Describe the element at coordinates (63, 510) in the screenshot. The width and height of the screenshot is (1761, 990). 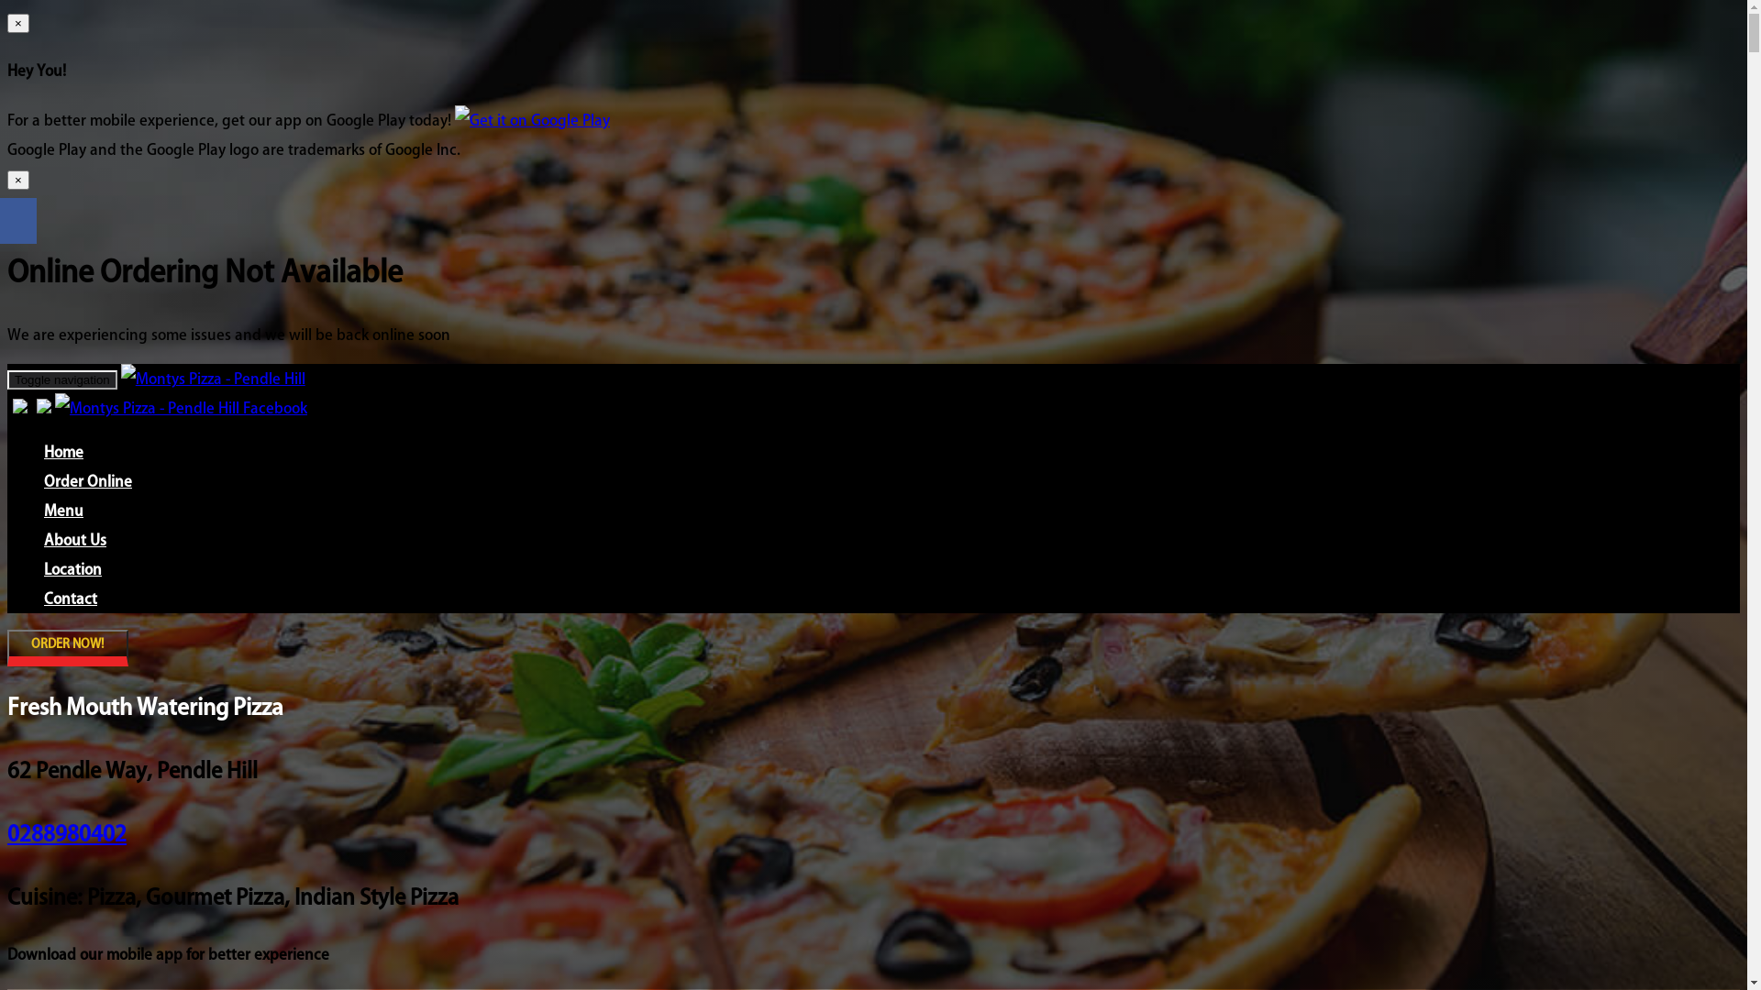
I see `'Menu'` at that location.